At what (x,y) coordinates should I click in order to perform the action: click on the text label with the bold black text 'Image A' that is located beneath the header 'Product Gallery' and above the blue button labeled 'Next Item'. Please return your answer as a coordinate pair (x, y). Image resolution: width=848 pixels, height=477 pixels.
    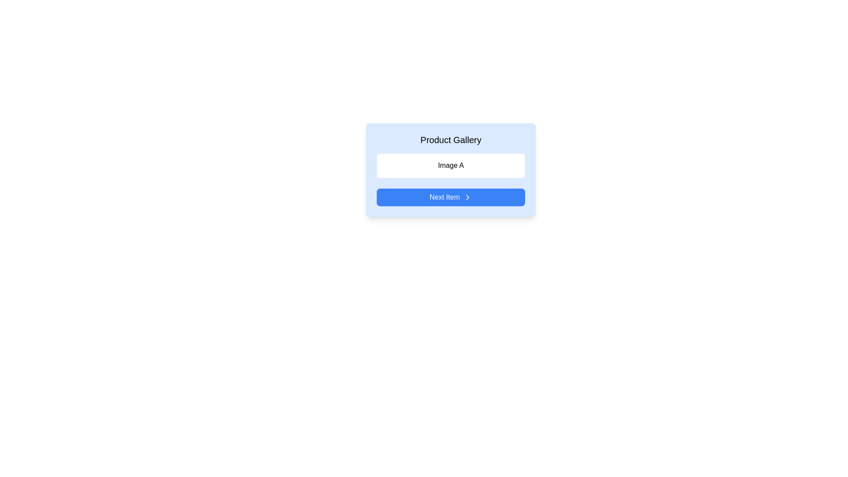
    Looking at the image, I should click on (451, 165).